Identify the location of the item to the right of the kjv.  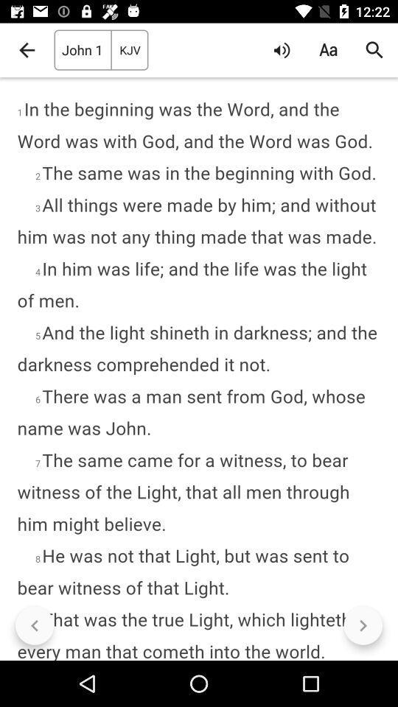
(282, 50).